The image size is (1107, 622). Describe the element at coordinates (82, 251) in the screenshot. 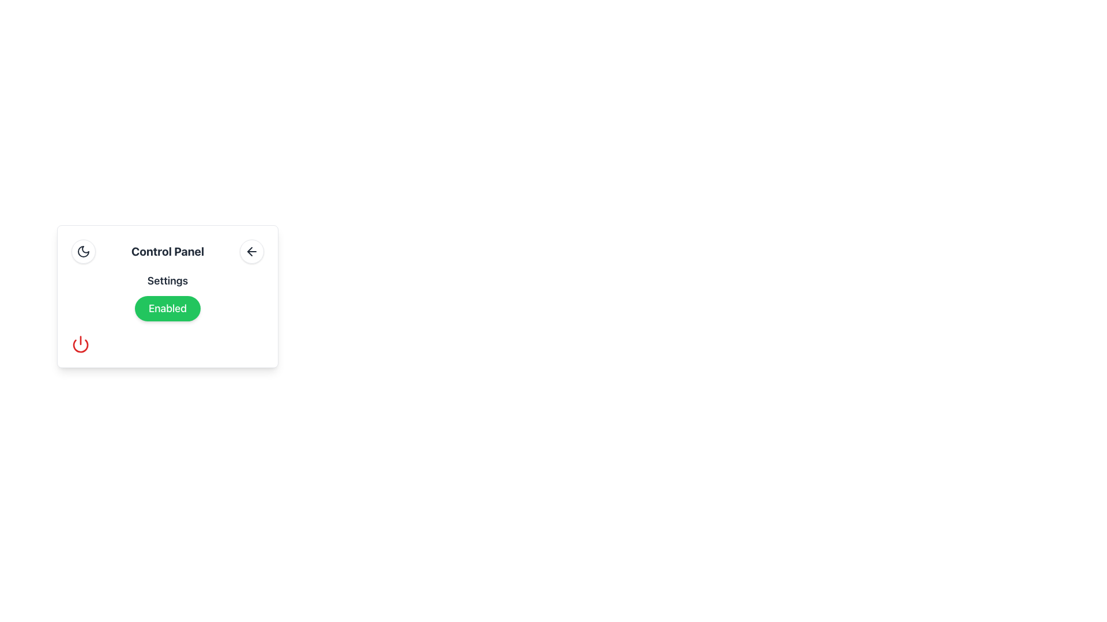

I see `the theme toggle icon represented by the 'lucide lucide-moon' SVG element located in the top right corner of the card component` at that location.